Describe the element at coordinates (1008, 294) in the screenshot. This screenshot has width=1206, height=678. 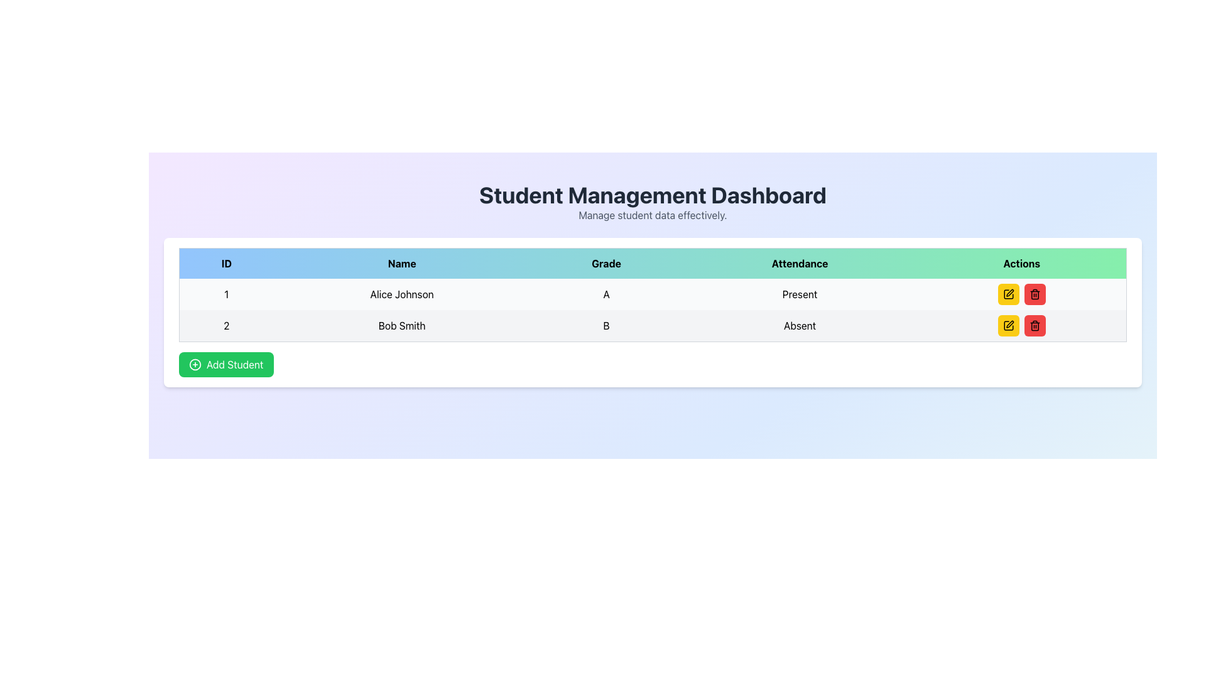
I see `the yellow button with rounded corners and a pencil icon in the 'Actions' column of the second row to initiate the edit action` at that location.